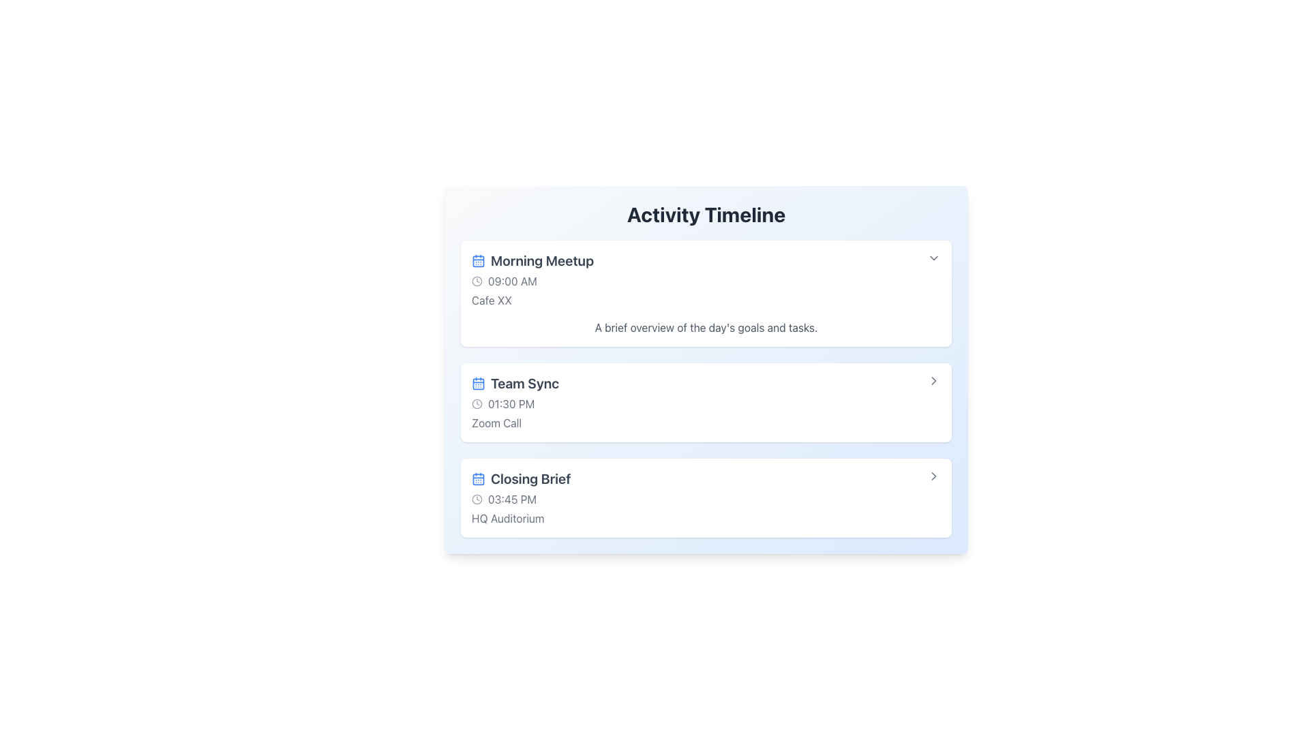  I want to click on the 'Morning Meetup' text label which is prominently styled in black and accompanied by a blue calendar icon, located at the top-left corner of a content card within the timeline interface, so click(532, 260).